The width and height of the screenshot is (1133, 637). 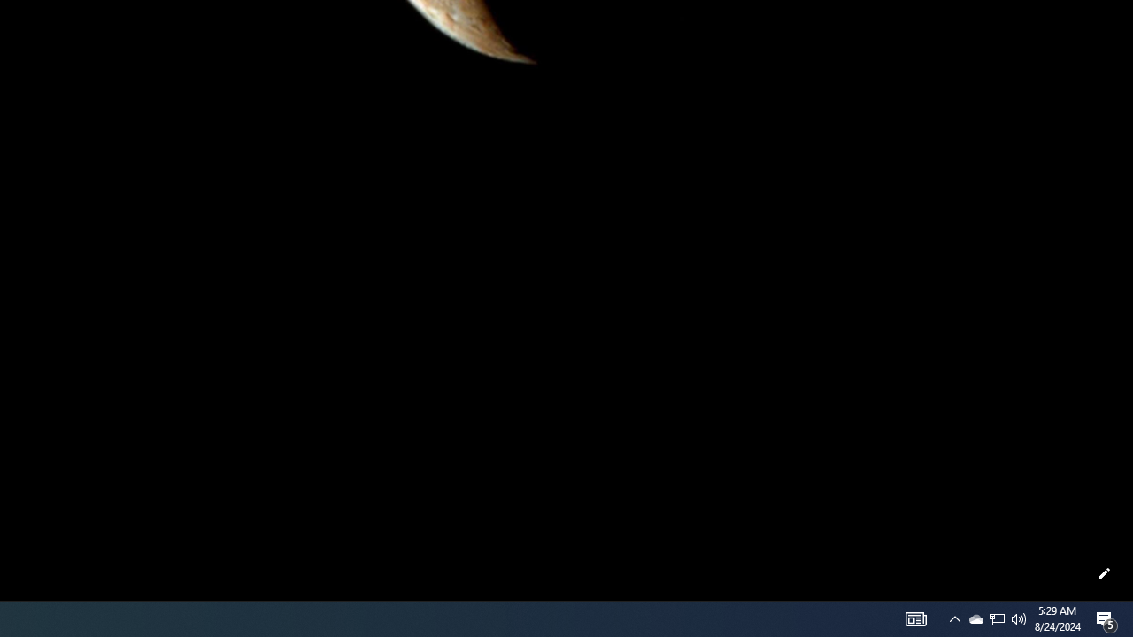 I want to click on 'Customize this page', so click(x=1104, y=573).